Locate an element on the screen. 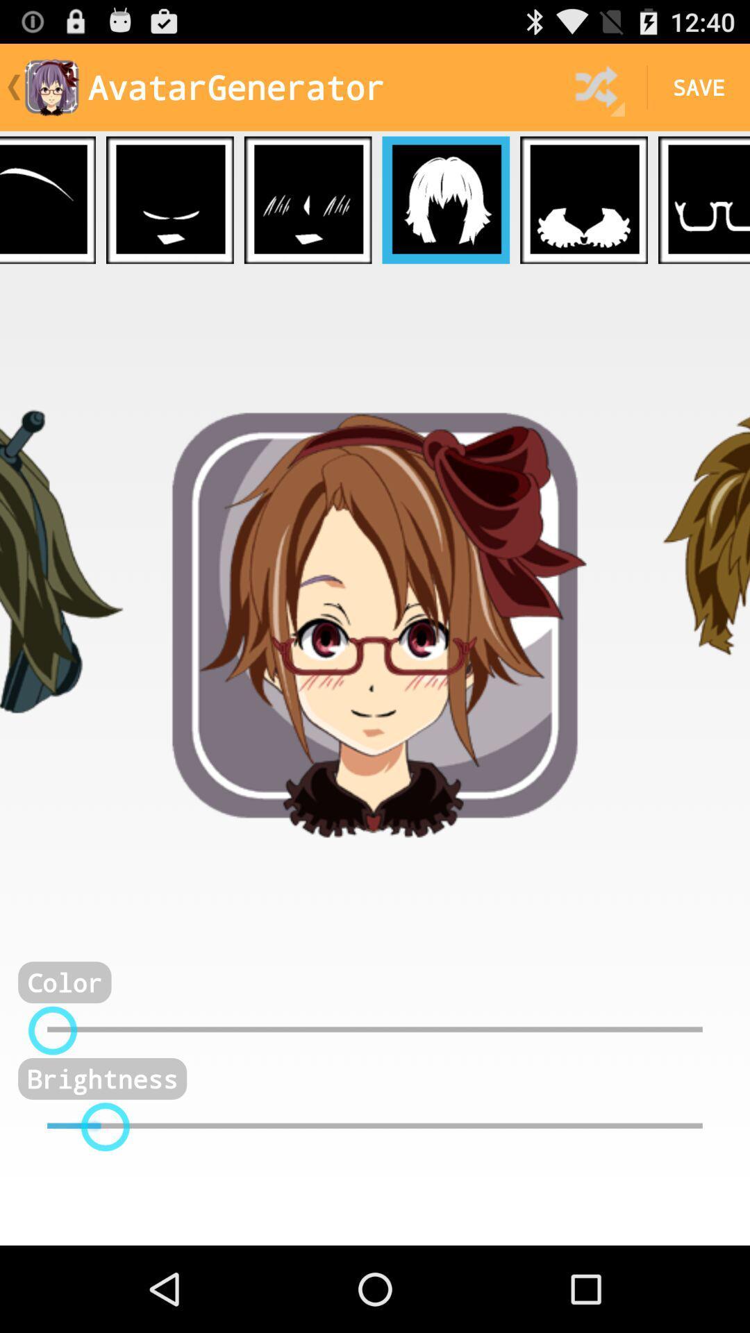  choose eyebrows is located at coordinates (47, 199).